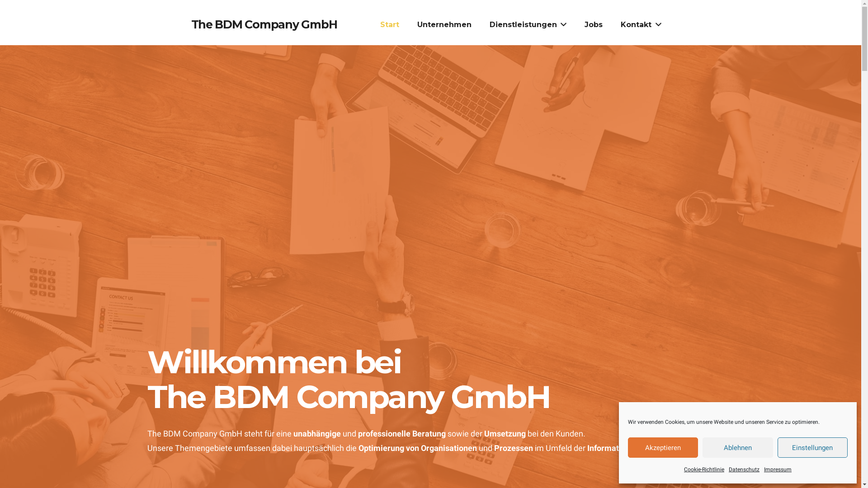 Image resolution: width=868 pixels, height=488 pixels. What do you see at coordinates (777, 469) in the screenshot?
I see `'Impressum'` at bounding box center [777, 469].